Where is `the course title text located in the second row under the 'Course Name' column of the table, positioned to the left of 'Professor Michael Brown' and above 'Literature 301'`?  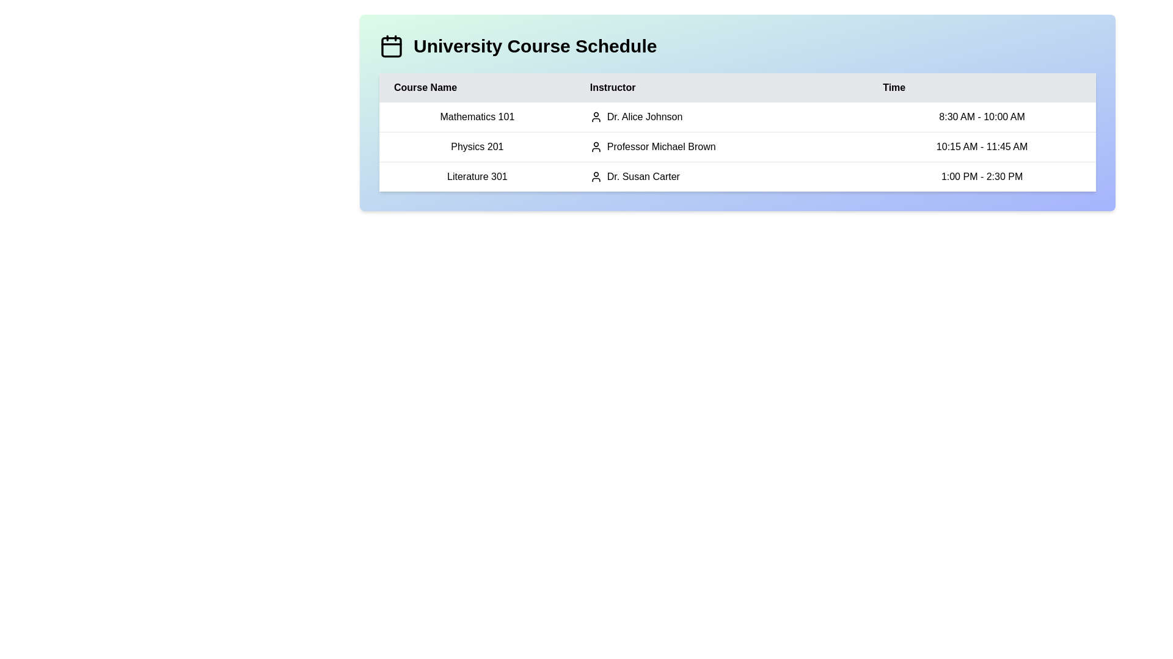 the course title text located in the second row under the 'Course Name' column of the table, positioned to the left of 'Professor Michael Brown' and above 'Literature 301' is located at coordinates (477, 146).